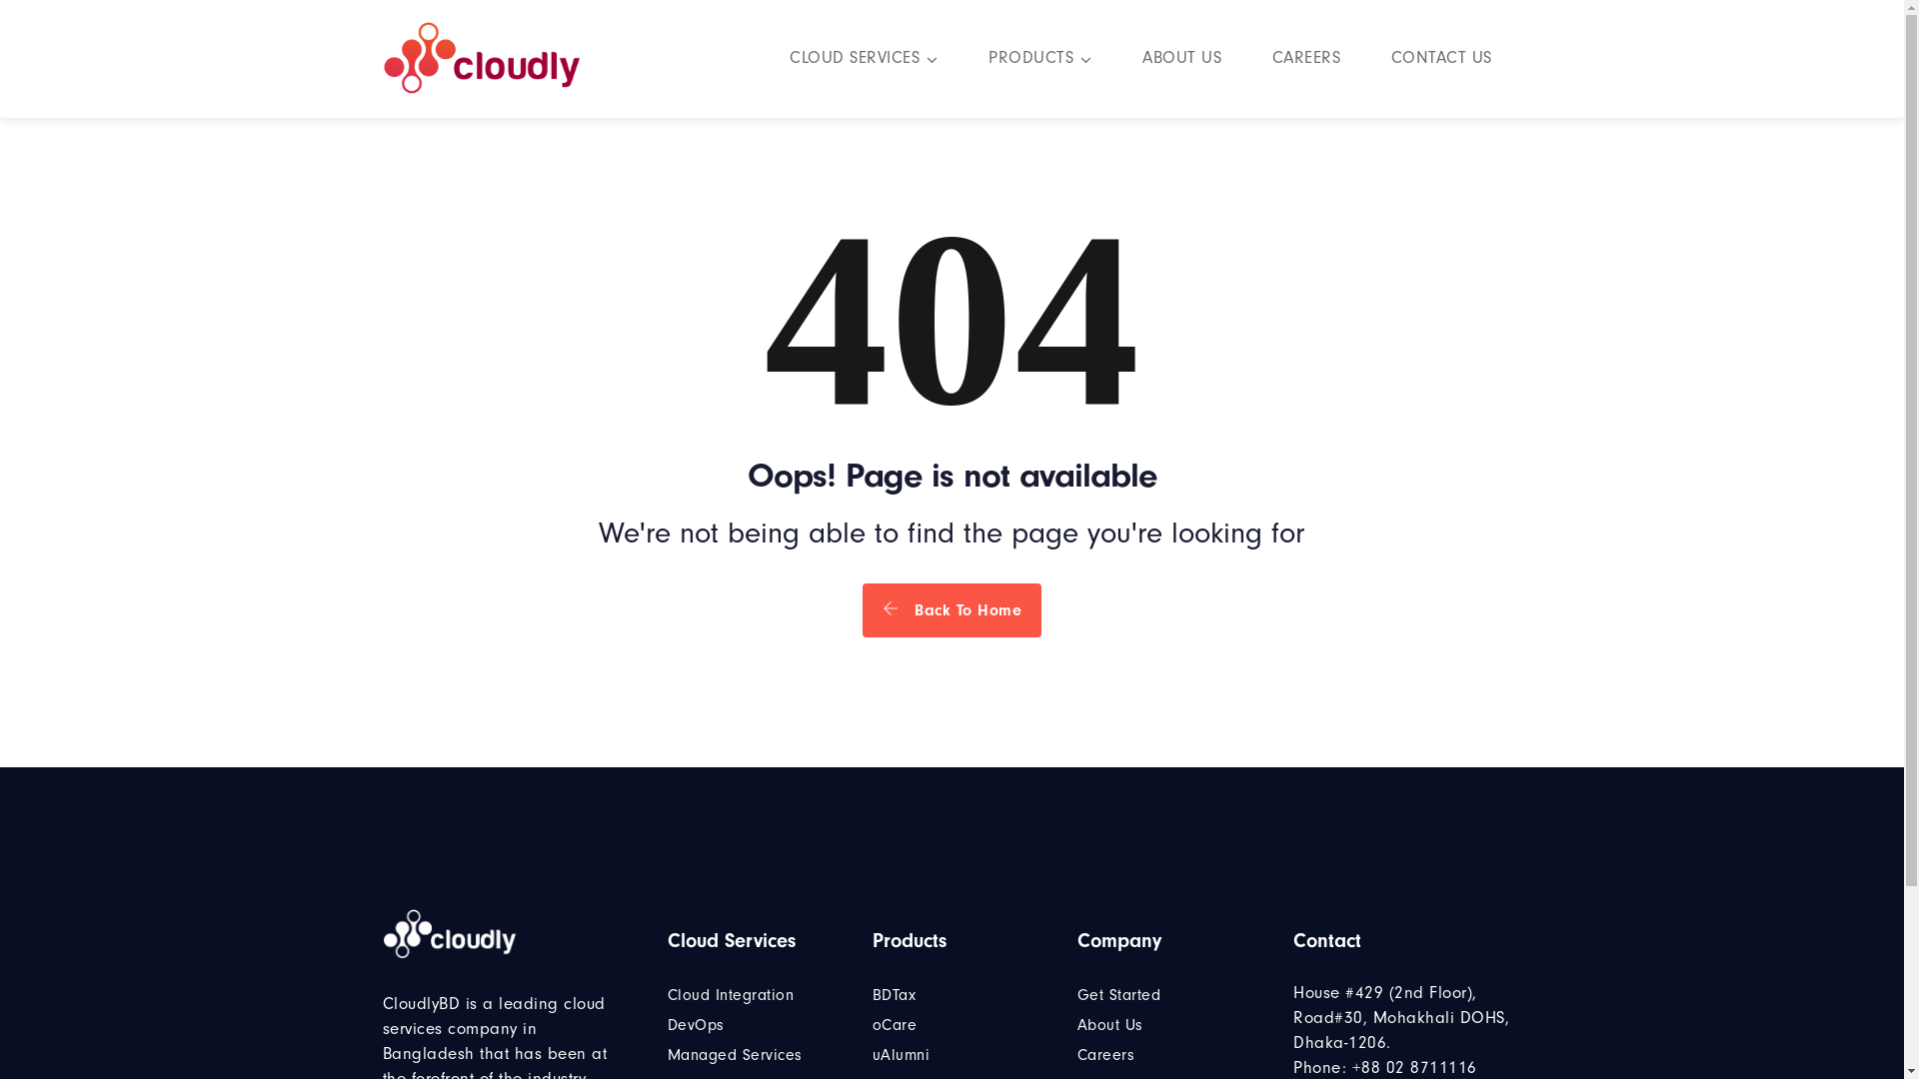  I want to click on 'About Us', so click(1108, 1025).